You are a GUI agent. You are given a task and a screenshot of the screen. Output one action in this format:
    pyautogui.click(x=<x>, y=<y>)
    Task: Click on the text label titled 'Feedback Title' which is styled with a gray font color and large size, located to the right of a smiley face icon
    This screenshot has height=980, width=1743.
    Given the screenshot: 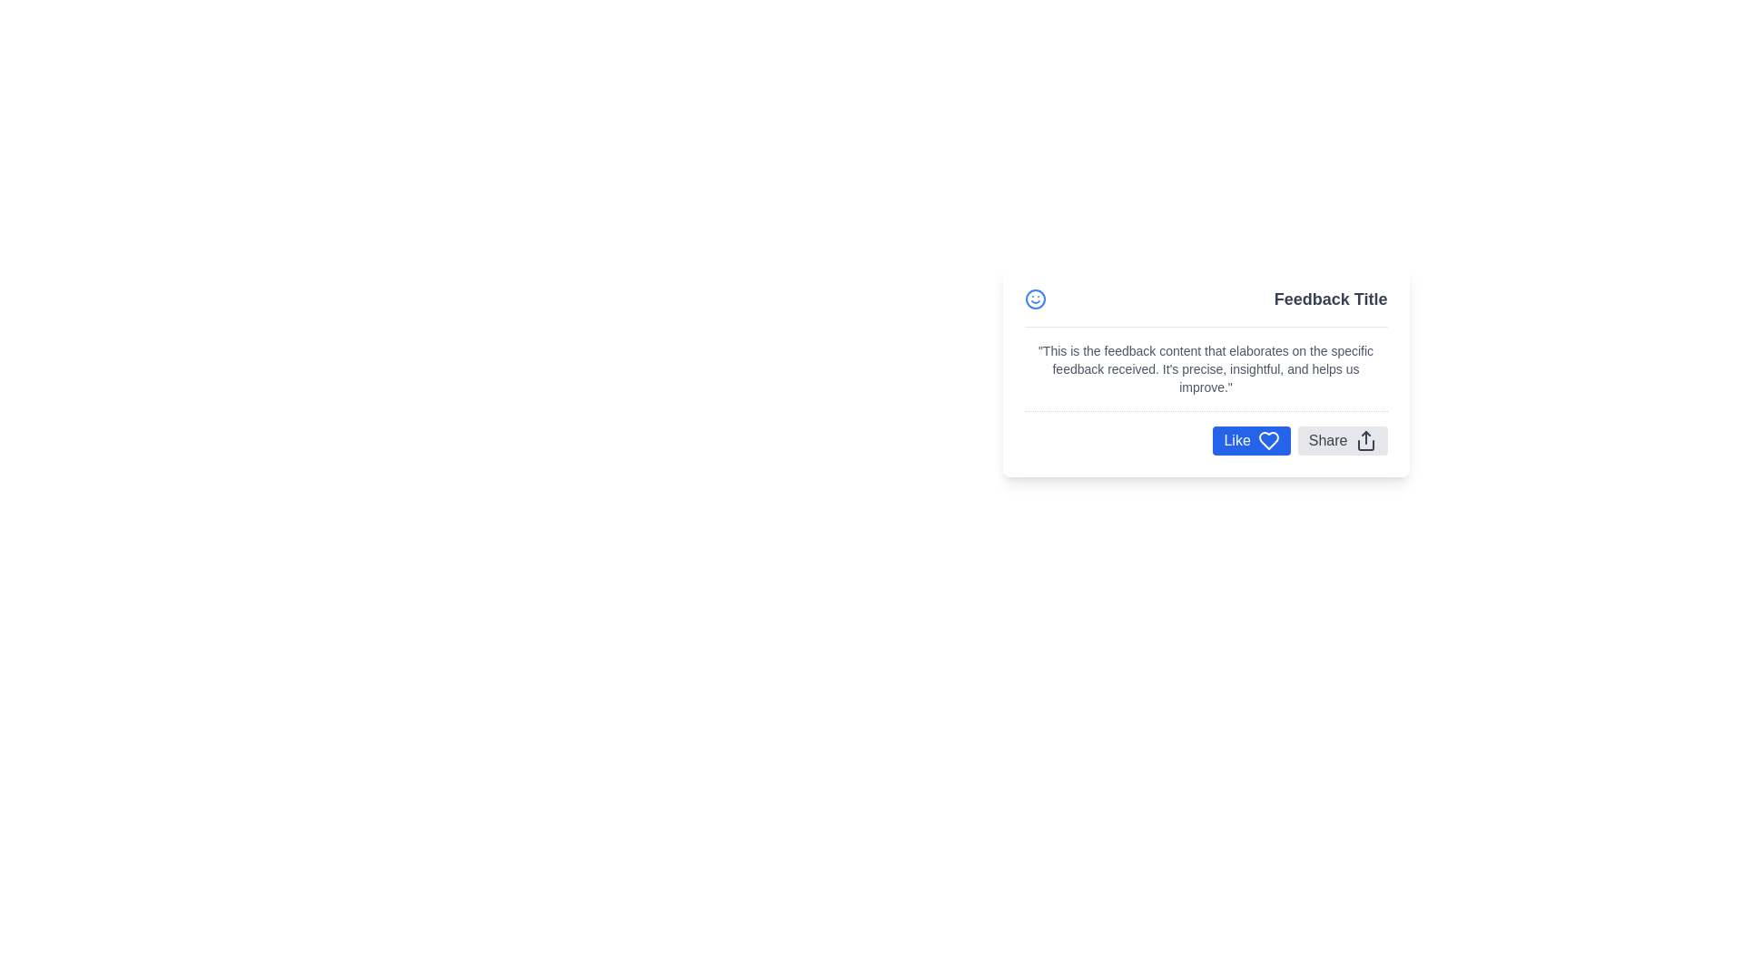 What is the action you would take?
    pyautogui.click(x=1331, y=299)
    